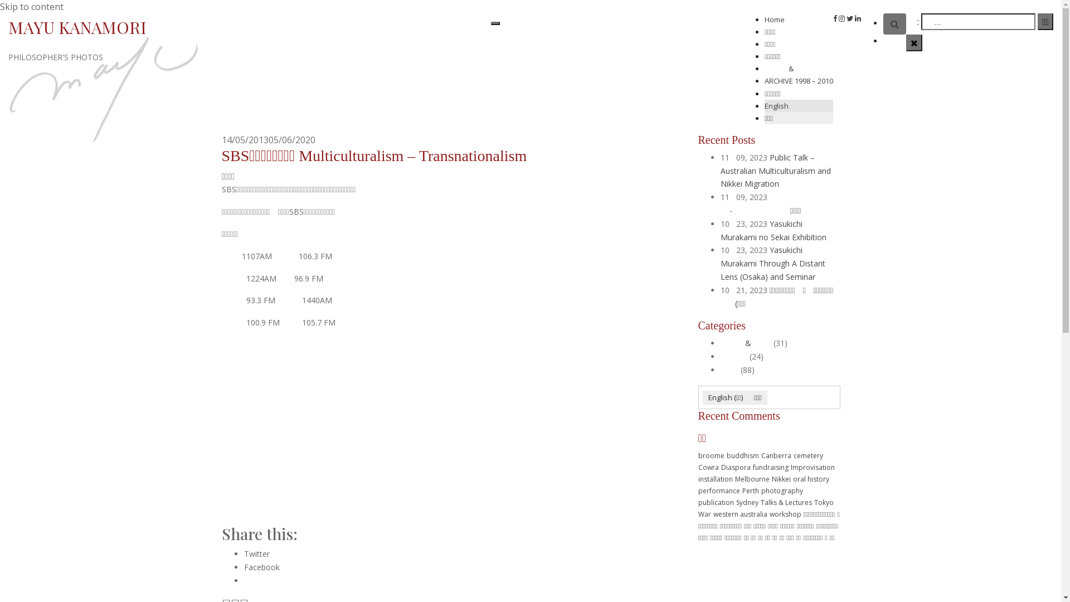 The image size is (1070, 602). I want to click on 'War', so click(703, 514).